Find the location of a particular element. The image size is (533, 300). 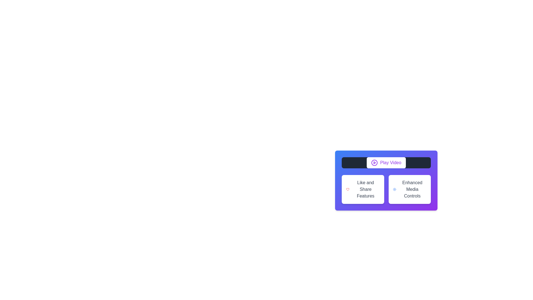

the heart icon styled in red that denotes a 'like' action, located at the top-left within the 'Like and Share Features' card to like the associated content is located at coordinates (347, 189).